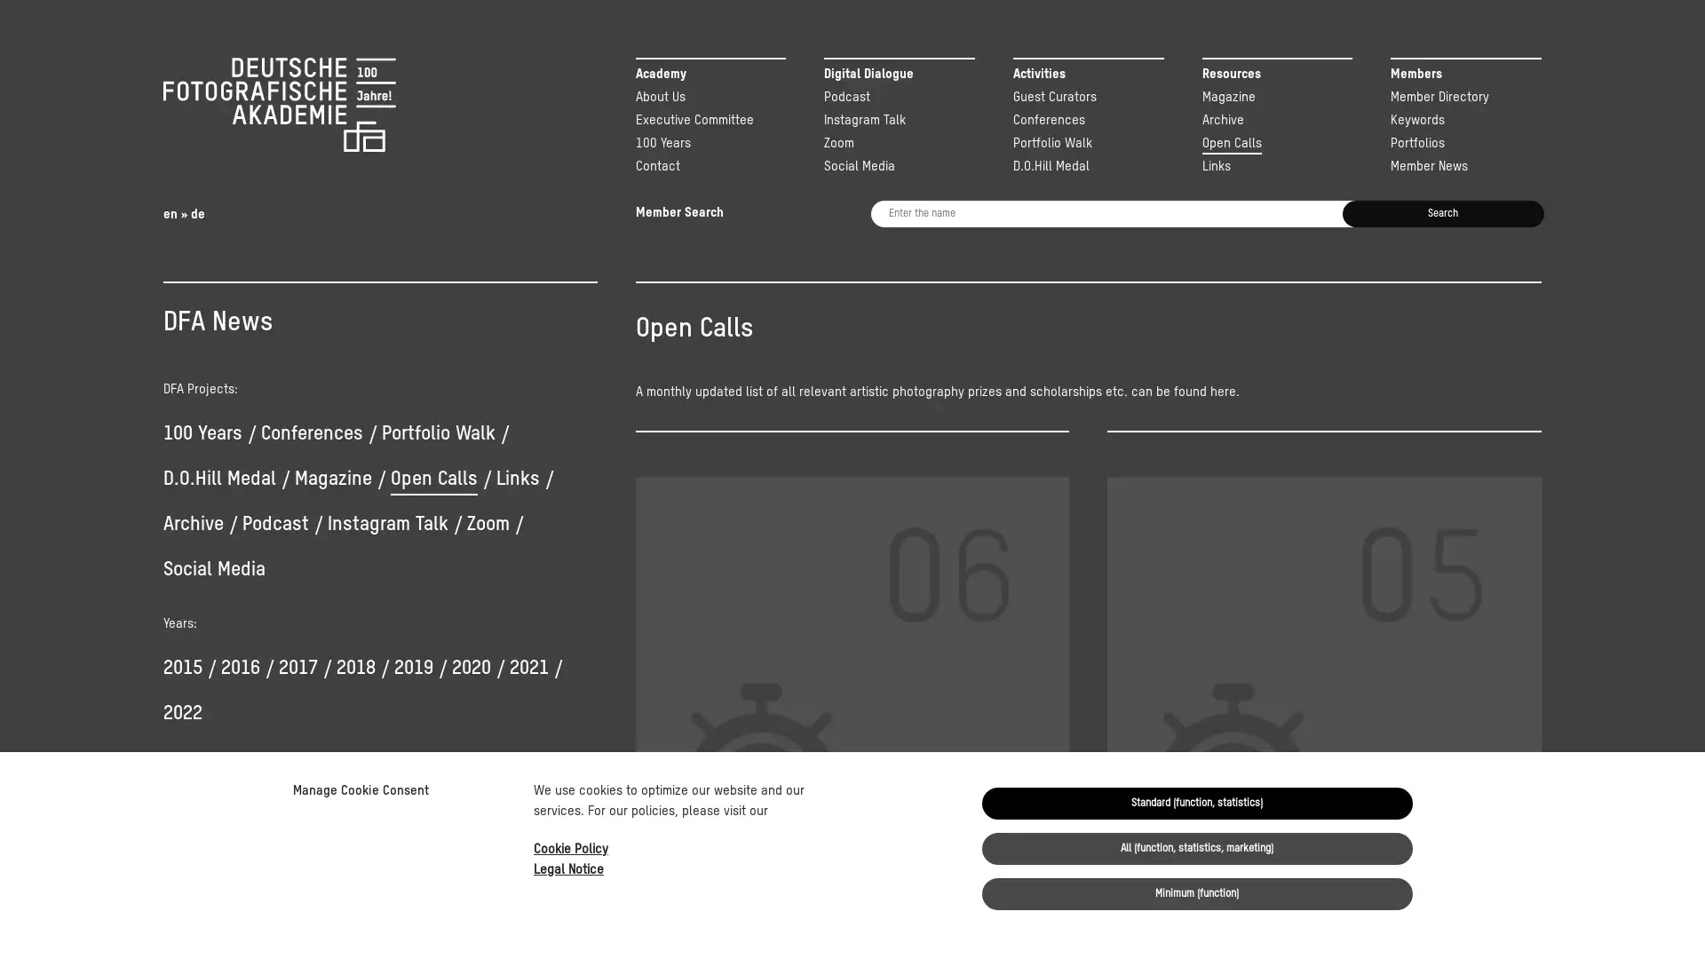  What do you see at coordinates (218, 479) in the screenshot?
I see `D.O.Hill Medal` at bounding box center [218, 479].